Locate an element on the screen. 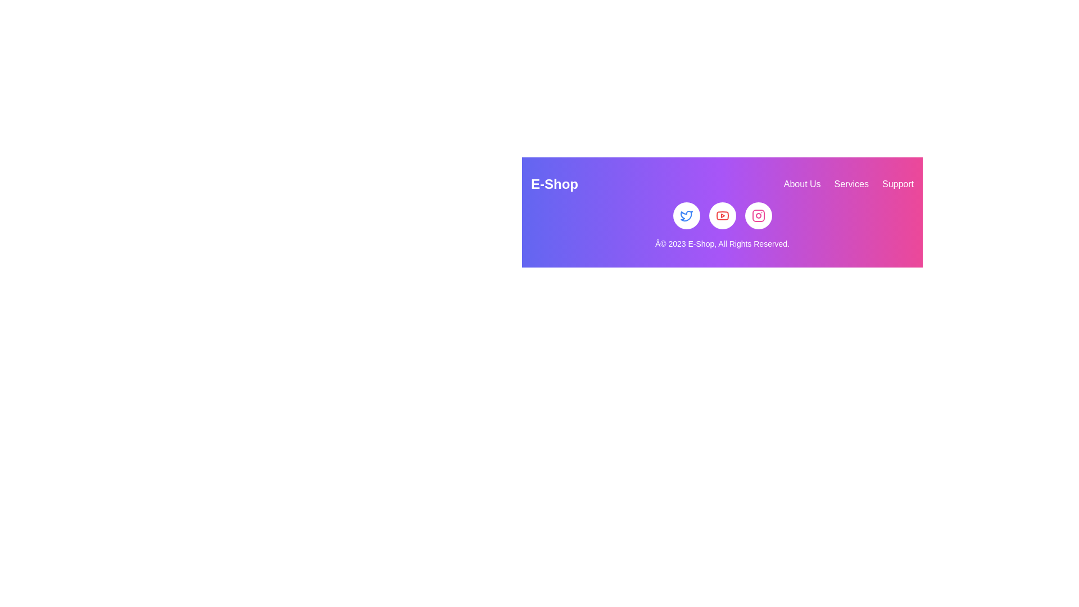 Image resolution: width=1079 pixels, height=607 pixels. the 'Services' link within the Navigation links group in the footer bar is located at coordinates (849, 183).